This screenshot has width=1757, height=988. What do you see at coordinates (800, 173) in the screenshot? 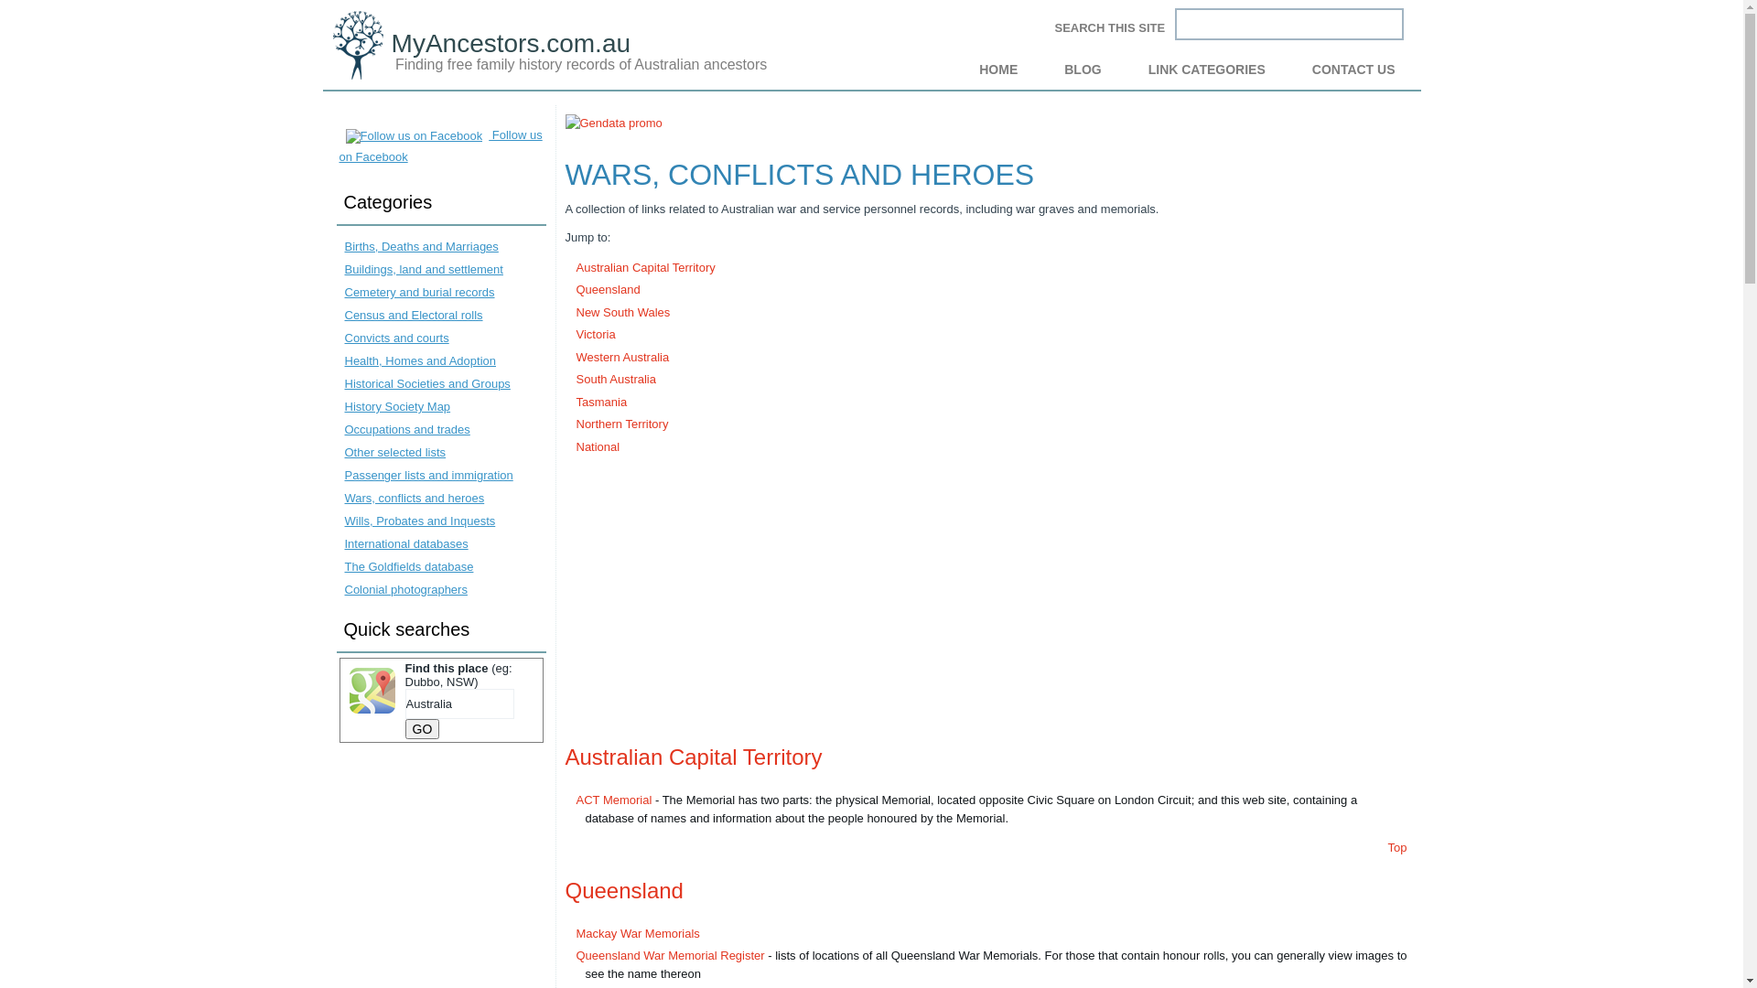
I see `'WARS, CONFLICTS AND HEROES'` at bounding box center [800, 173].